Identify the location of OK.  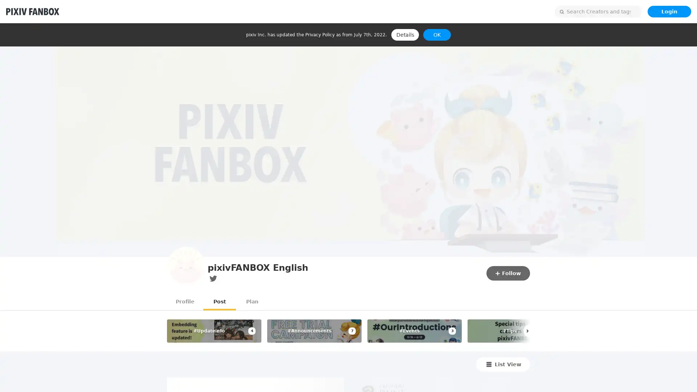
(437, 35).